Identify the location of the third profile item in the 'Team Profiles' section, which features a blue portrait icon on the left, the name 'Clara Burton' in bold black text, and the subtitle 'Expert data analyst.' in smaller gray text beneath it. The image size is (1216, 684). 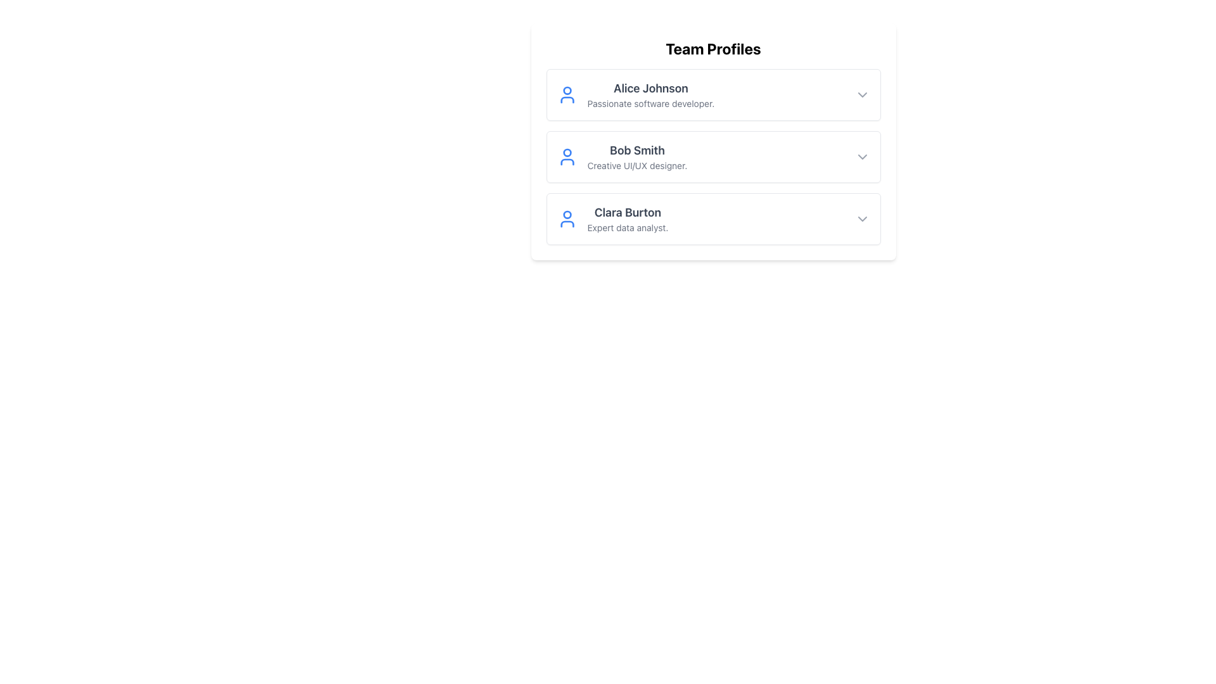
(612, 218).